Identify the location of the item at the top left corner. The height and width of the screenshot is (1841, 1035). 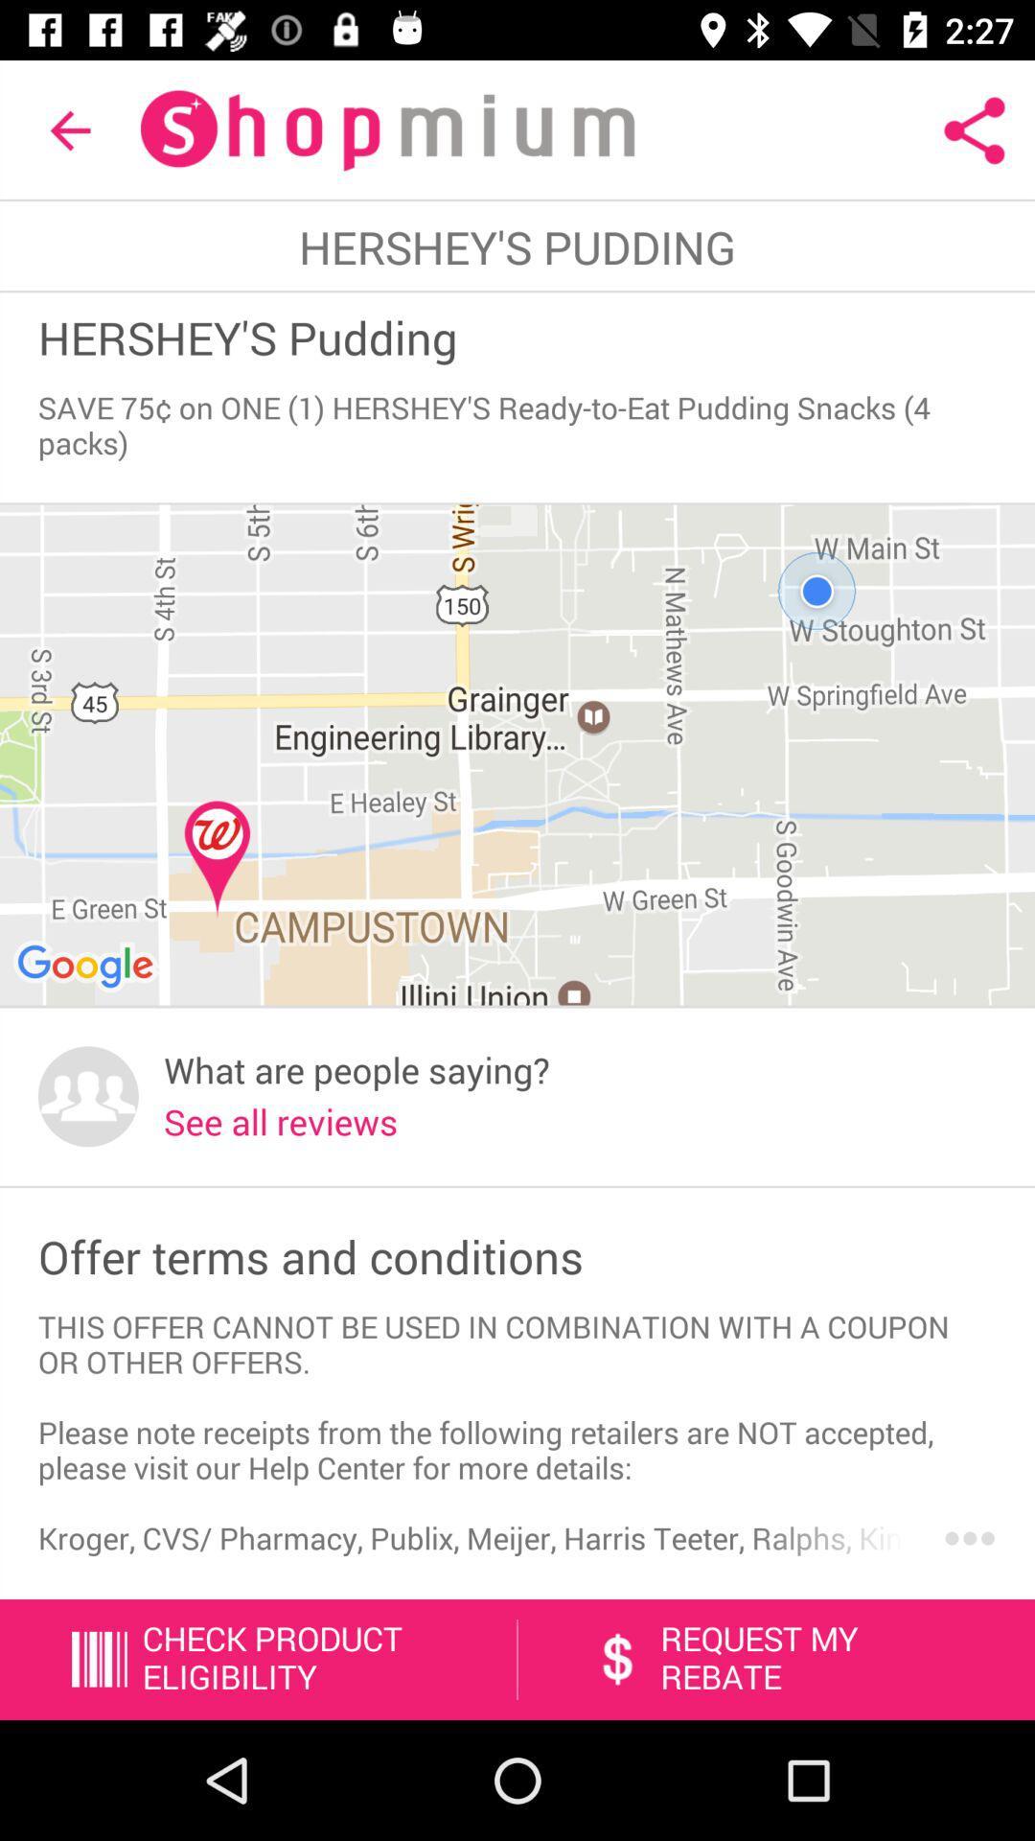
(69, 129).